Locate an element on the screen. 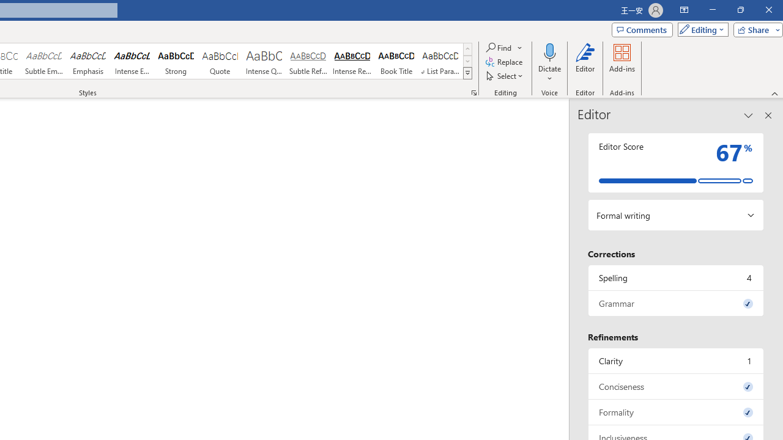  'Task Pane Options' is located at coordinates (748, 116).